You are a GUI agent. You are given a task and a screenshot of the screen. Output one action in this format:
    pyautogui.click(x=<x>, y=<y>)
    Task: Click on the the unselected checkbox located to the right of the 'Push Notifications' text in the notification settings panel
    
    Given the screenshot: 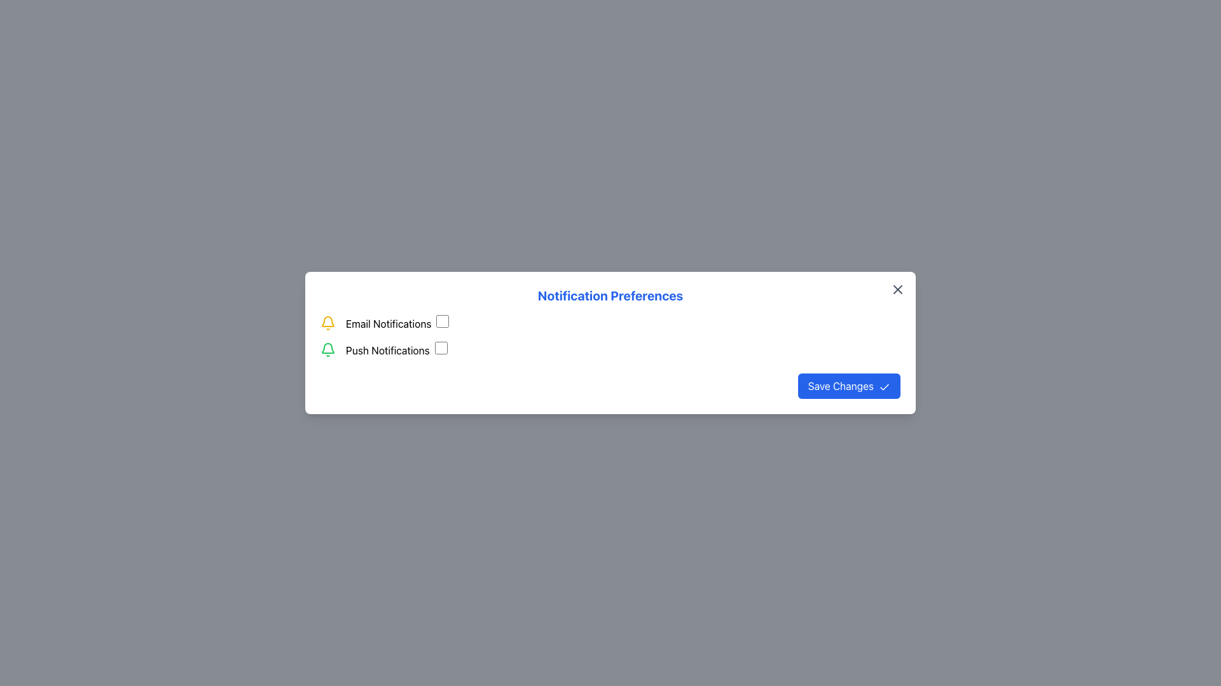 What is the action you would take?
    pyautogui.click(x=441, y=347)
    